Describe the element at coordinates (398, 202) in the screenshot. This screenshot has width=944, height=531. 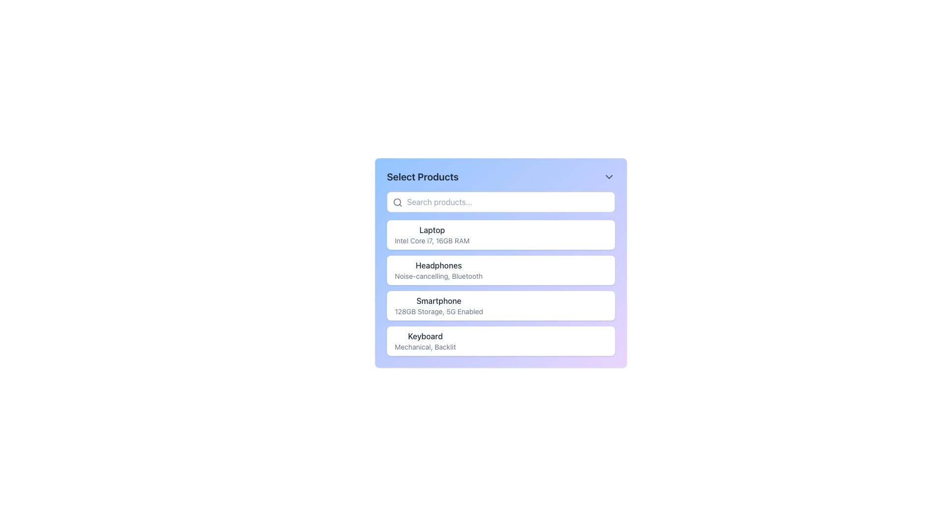
I see `the gray circular search icon with a handle located on the left side of the search bar at the top of the selection panel` at that location.